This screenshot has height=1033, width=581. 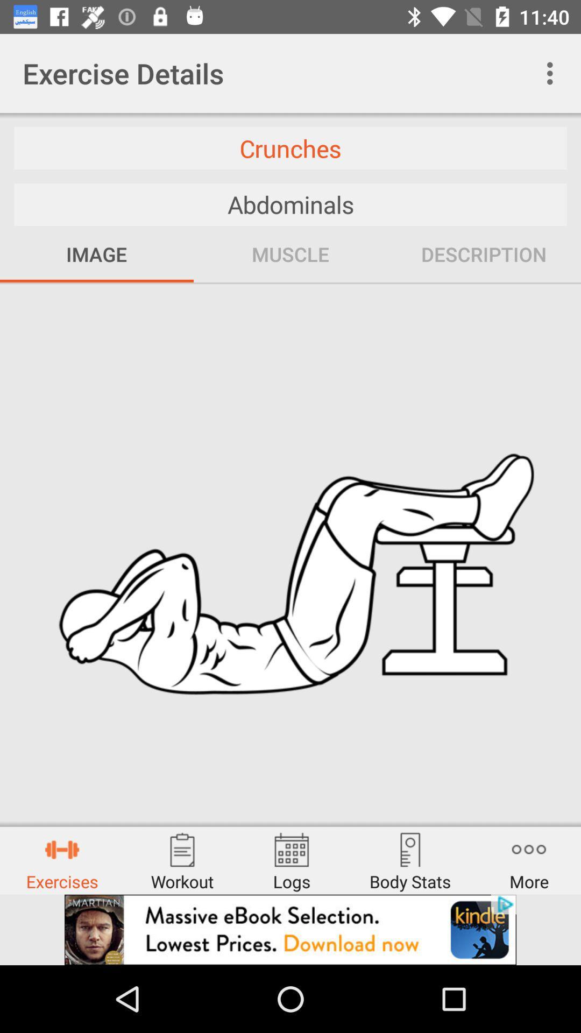 I want to click on advertisement, so click(x=290, y=929).